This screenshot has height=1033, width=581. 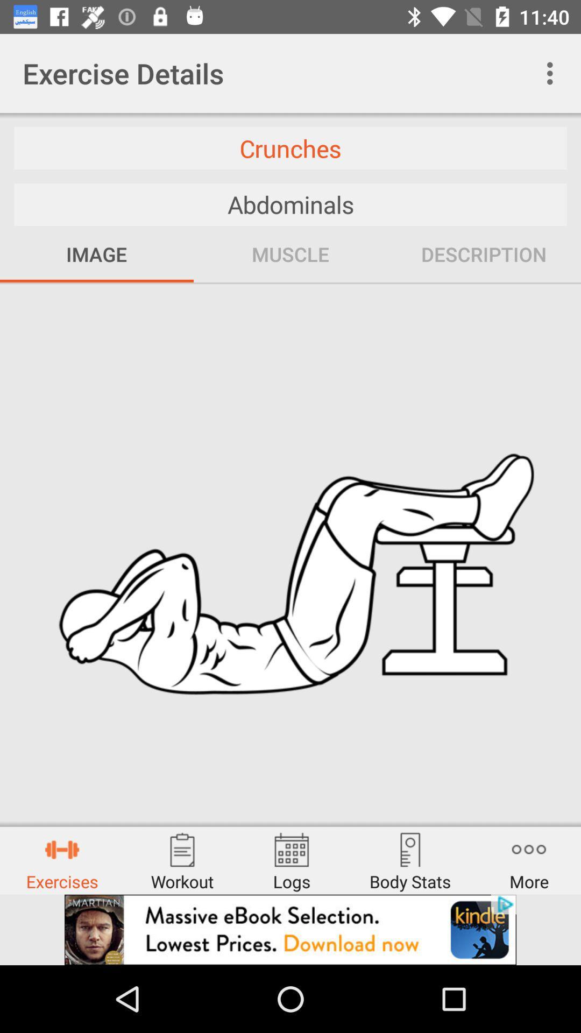 I want to click on advertisement, so click(x=290, y=929).